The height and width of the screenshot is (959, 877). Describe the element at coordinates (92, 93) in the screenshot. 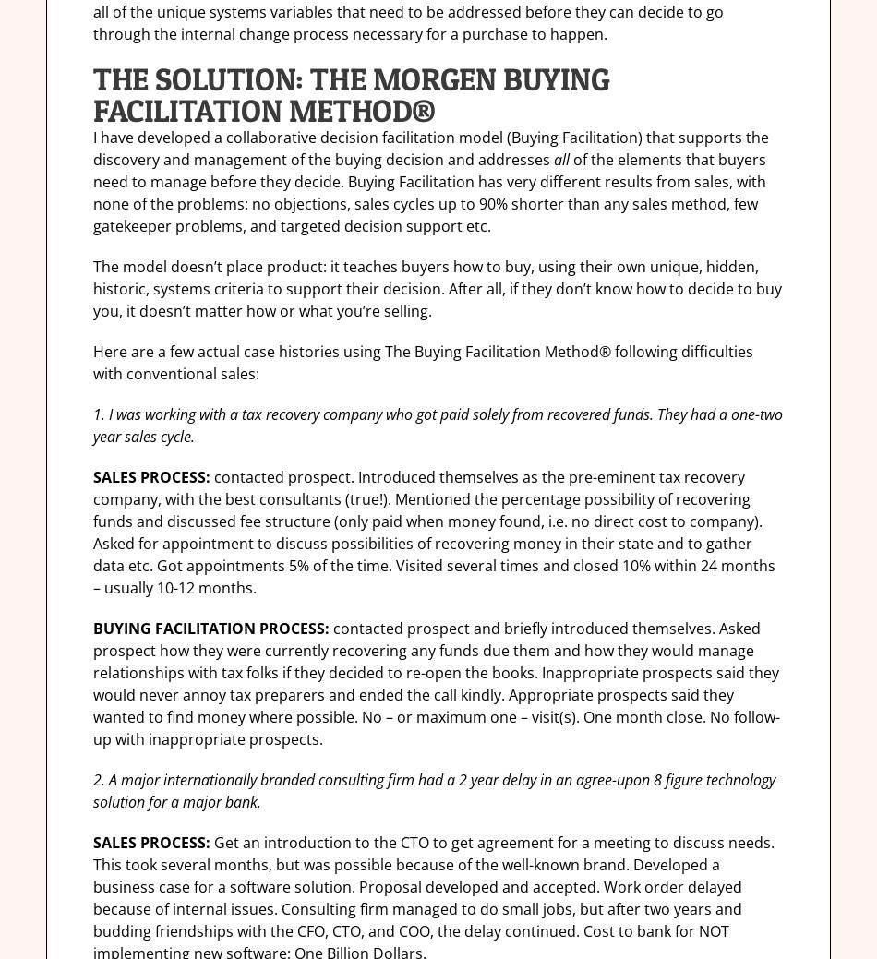

I see `'THE SOLUTION: THE MORGEN BUYING FACILITATION METHOD®'` at that location.